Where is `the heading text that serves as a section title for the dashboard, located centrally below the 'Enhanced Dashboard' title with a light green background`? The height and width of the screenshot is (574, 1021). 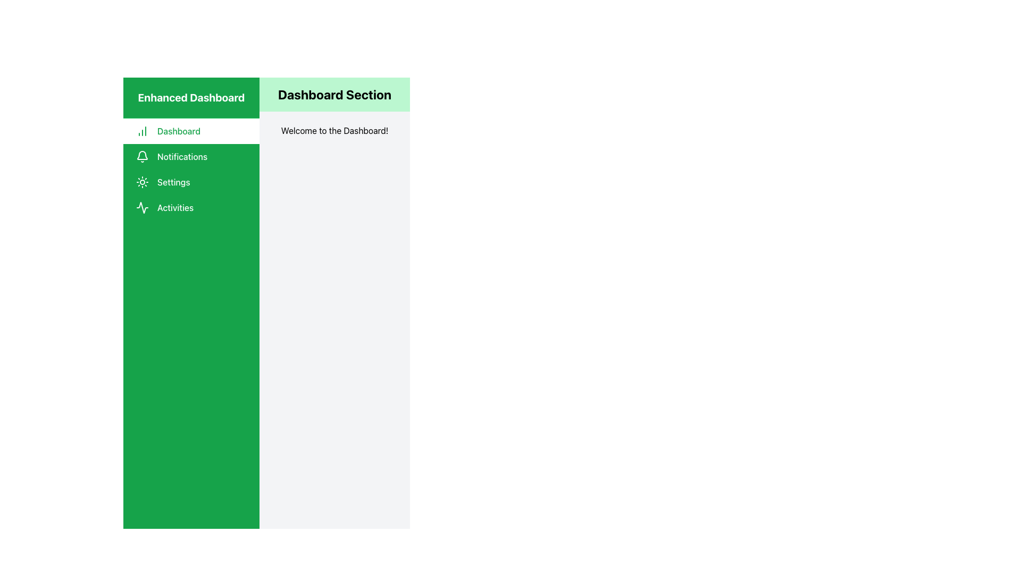 the heading text that serves as a section title for the dashboard, located centrally below the 'Enhanced Dashboard' title with a light green background is located at coordinates (334, 94).